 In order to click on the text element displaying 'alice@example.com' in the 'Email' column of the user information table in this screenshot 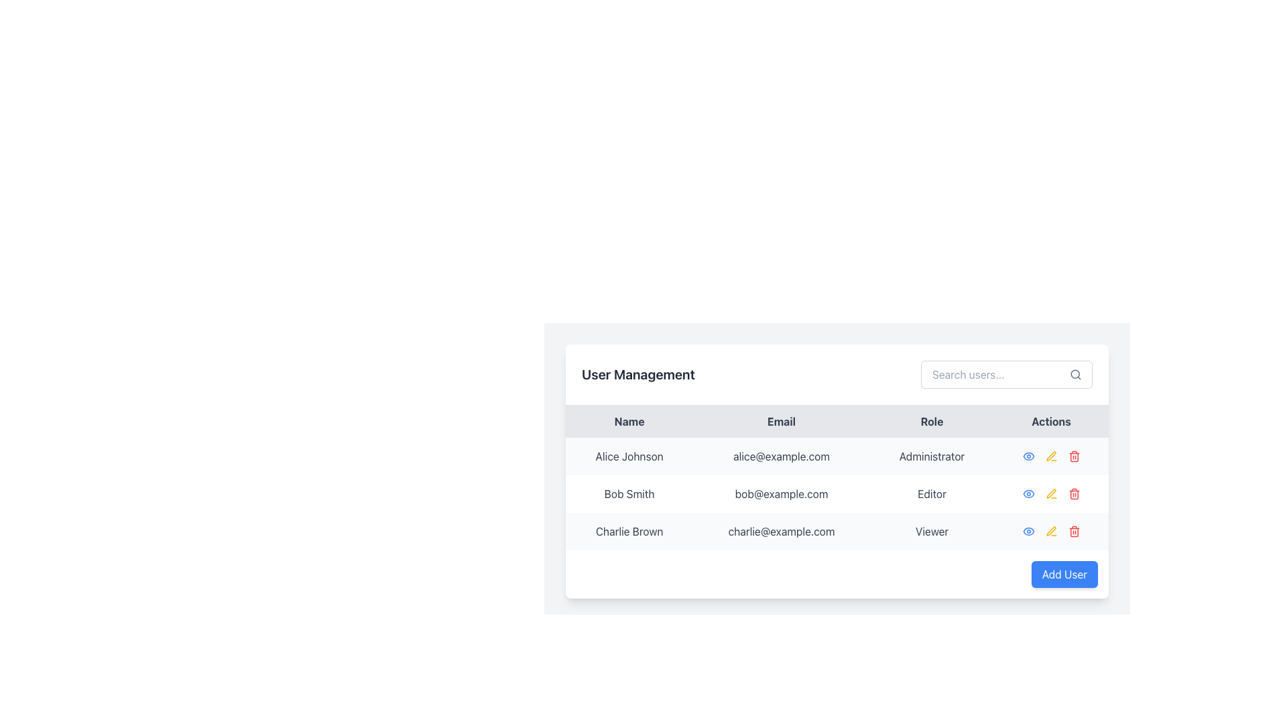, I will do `click(782, 456)`.